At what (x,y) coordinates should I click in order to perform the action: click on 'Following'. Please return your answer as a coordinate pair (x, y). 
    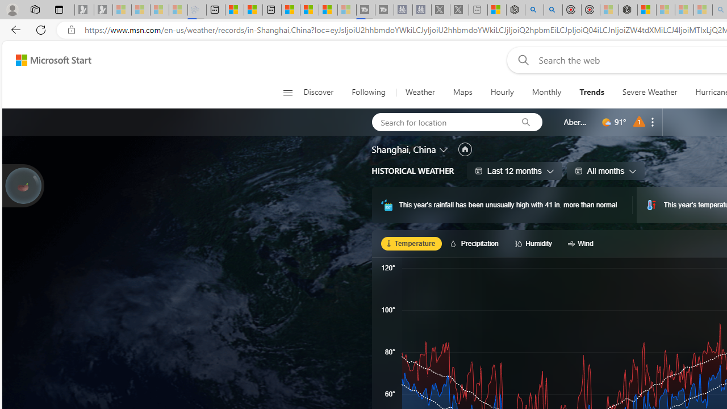
    Looking at the image, I should click on (369, 92).